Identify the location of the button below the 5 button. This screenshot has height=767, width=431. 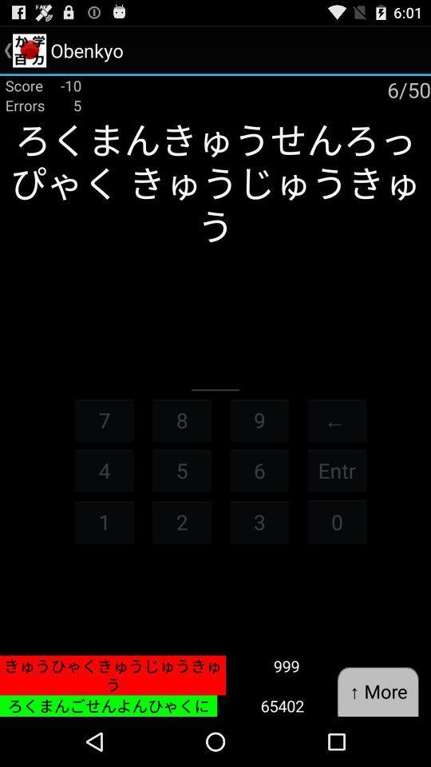
(180, 521).